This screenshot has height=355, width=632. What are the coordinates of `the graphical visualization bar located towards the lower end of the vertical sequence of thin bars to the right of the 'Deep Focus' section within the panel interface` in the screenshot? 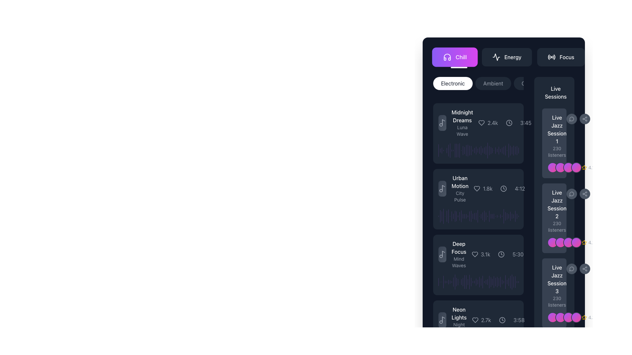 It's located at (497, 281).